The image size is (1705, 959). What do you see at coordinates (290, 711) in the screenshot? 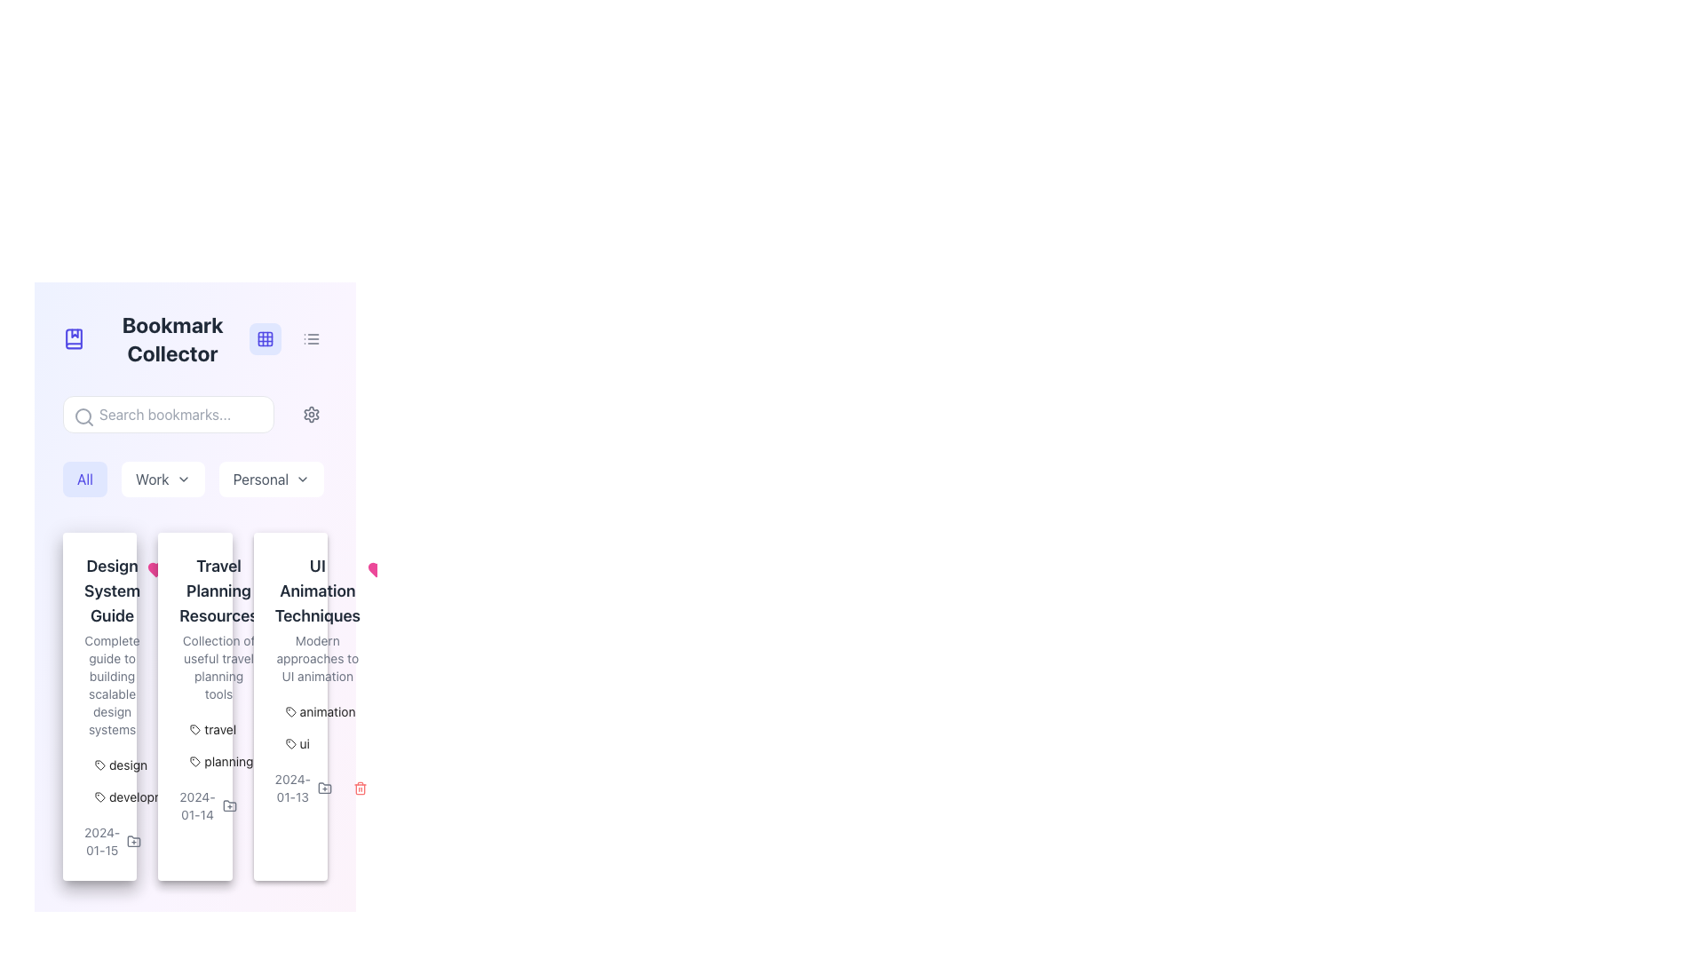
I see `the icon located to the left of the 'animation' text within the pill-shaped badge under the 'UI Animation Techniques' card` at bounding box center [290, 711].